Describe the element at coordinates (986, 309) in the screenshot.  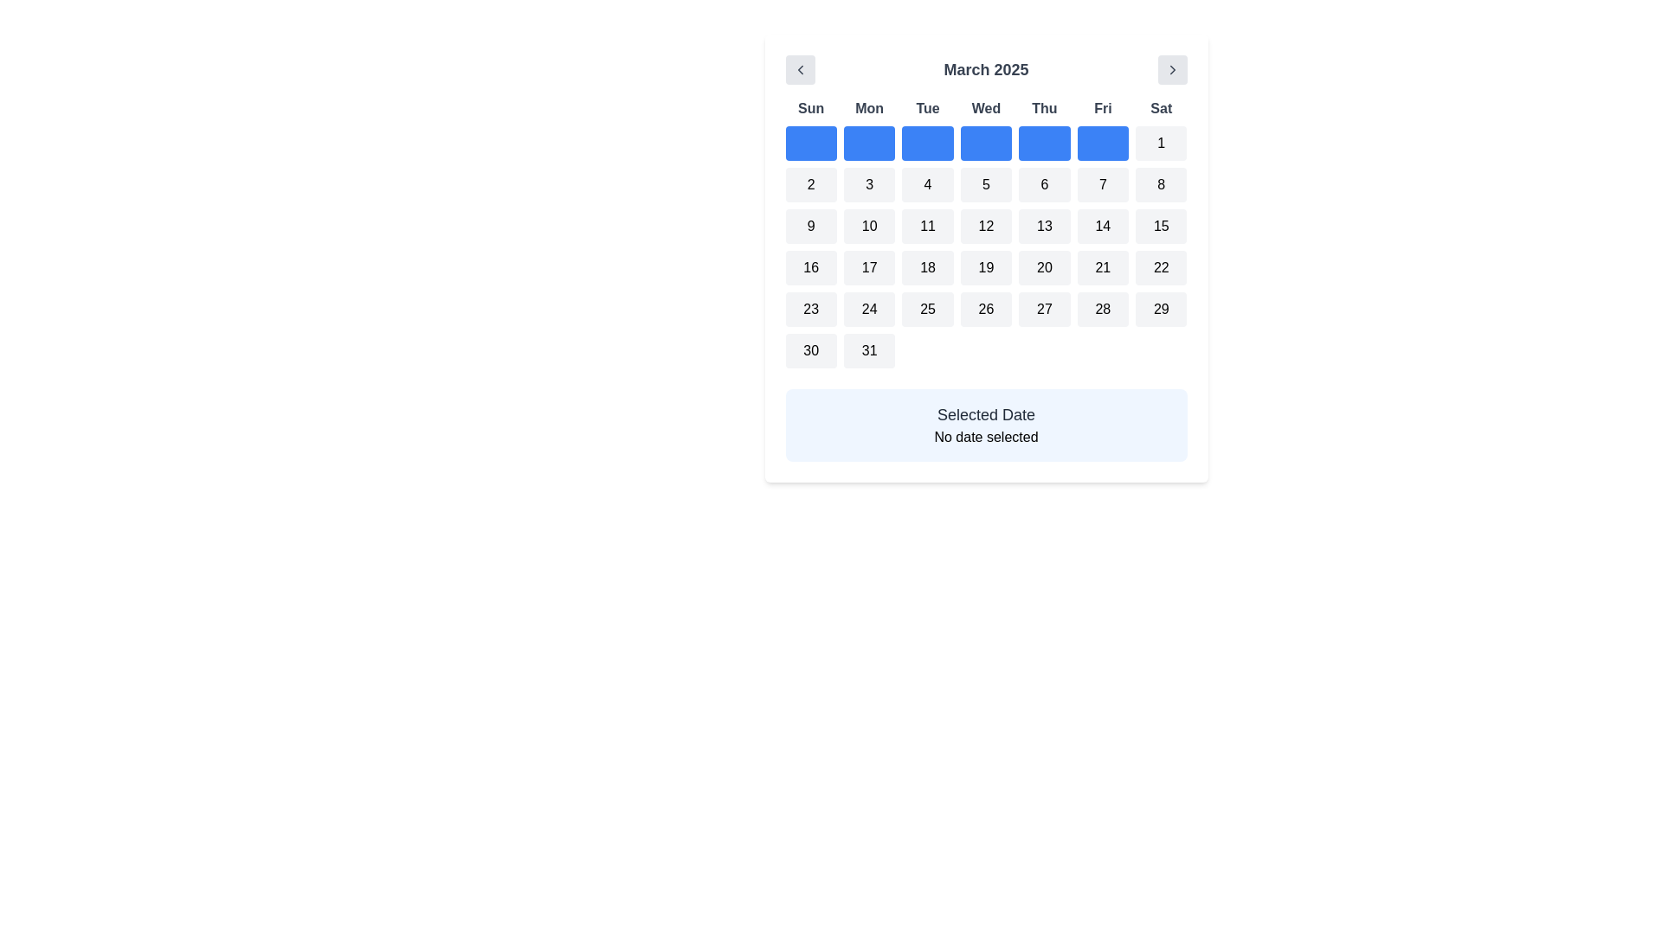
I see `the button representing the date 26th in the calendar, located in the sixth row and fourth column under 'Wed'` at that location.